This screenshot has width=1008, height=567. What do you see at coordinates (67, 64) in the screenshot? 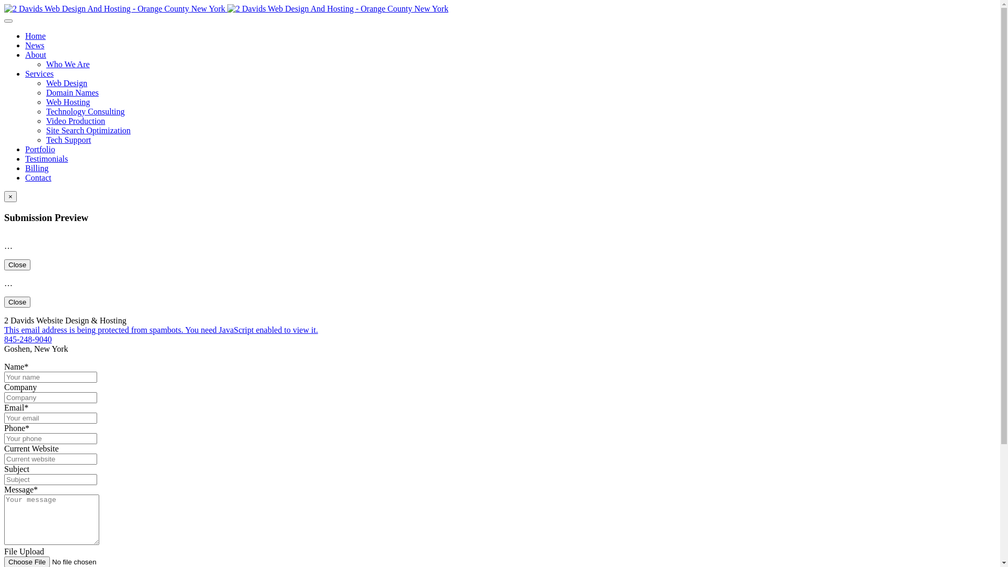
I see `'Who We Are'` at bounding box center [67, 64].